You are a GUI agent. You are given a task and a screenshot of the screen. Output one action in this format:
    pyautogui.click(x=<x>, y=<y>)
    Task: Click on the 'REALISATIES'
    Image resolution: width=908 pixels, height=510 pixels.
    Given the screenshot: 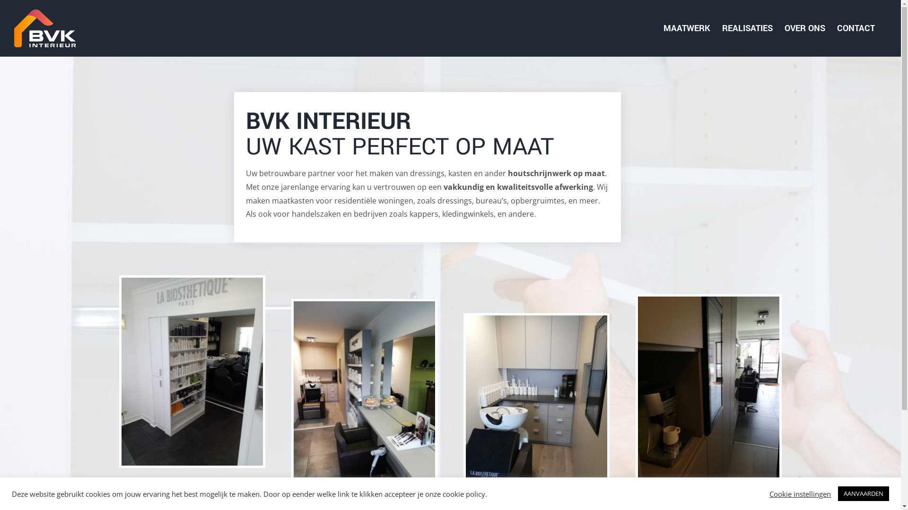 What is the action you would take?
    pyautogui.click(x=747, y=28)
    